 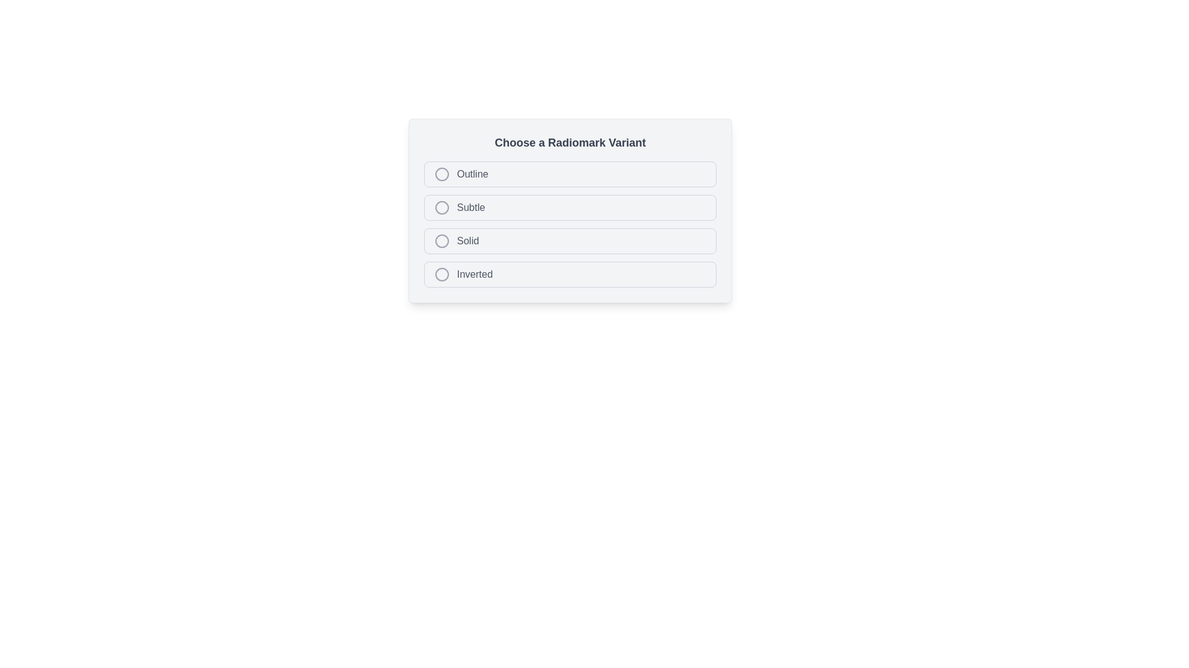 What do you see at coordinates (442, 207) in the screenshot?
I see `the circular radiobutton indicator for the 'Subtle' option` at bounding box center [442, 207].